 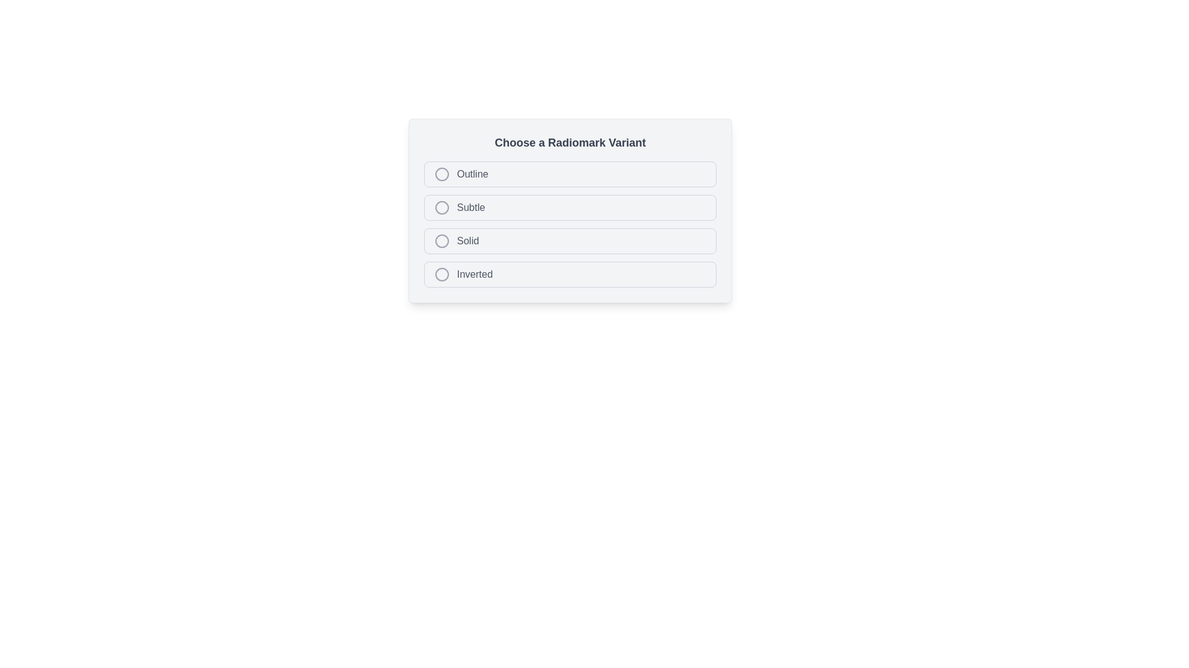 What do you see at coordinates (442, 207) in the screenshot?
I see `the circular radiobutton indicator for the 'Subtle' option` at bounding box center [442, 207].